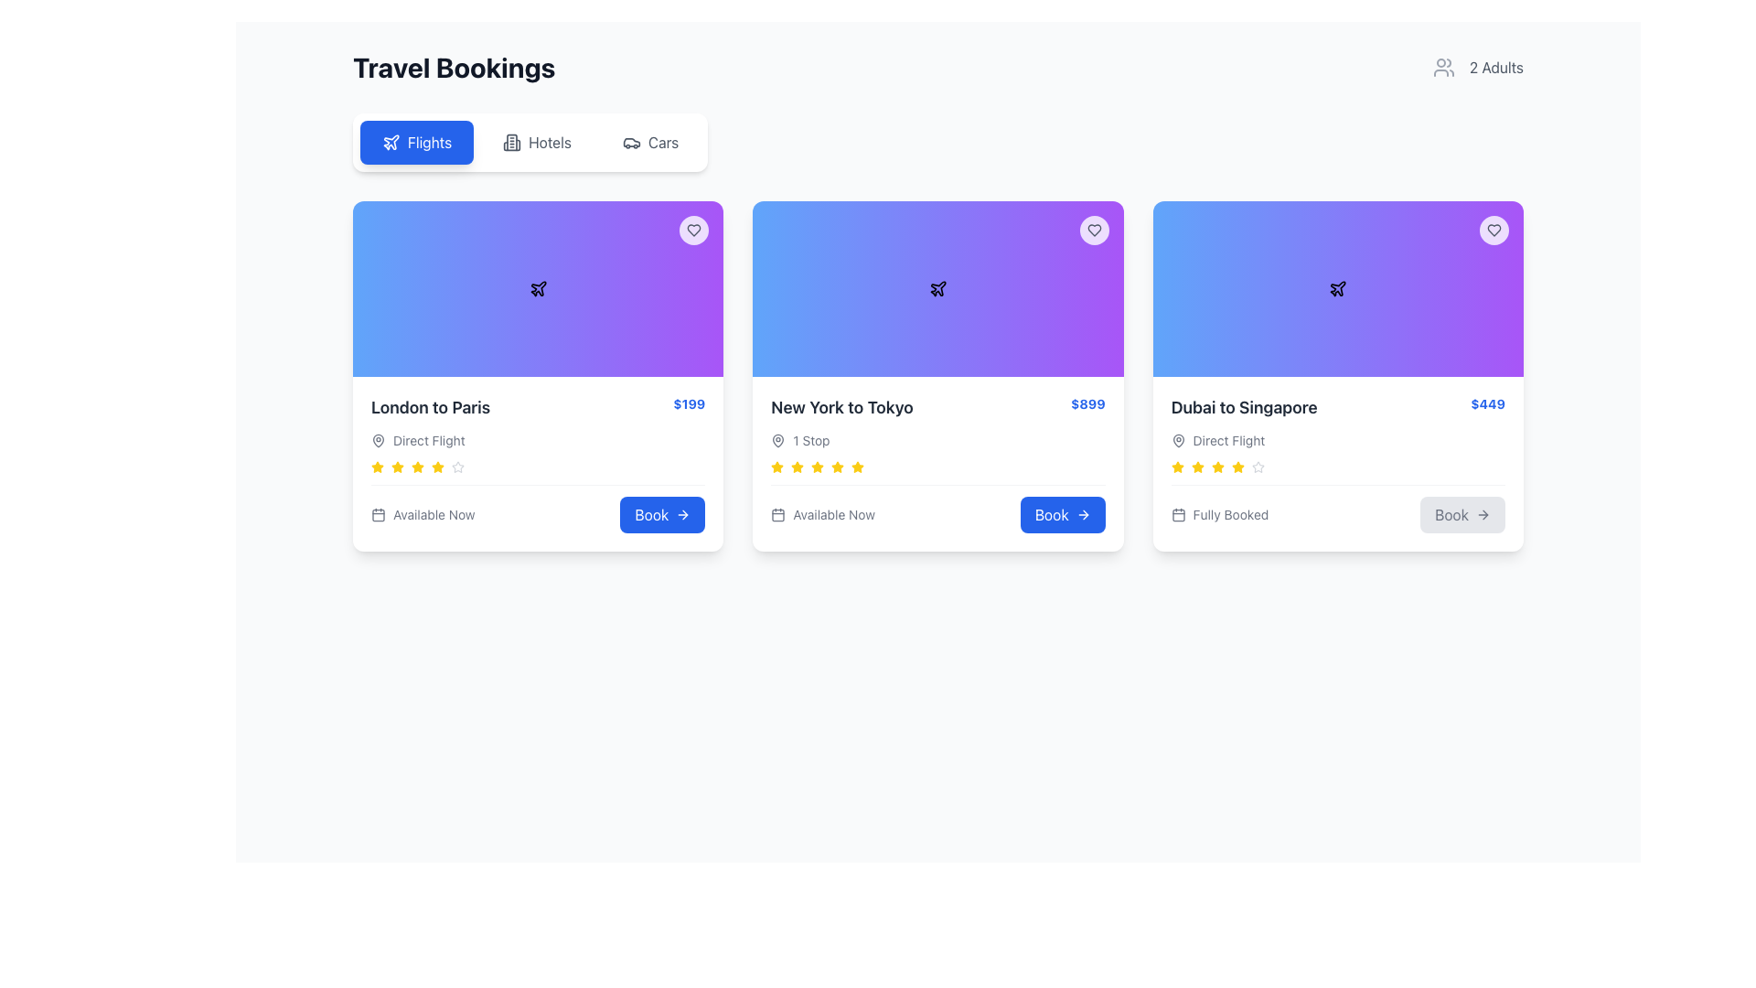 The width and height of the screenshot is (1756, 988). Describe the element at coordinates (1052, 515) in the screenshot. I see `text label of the 'Book' button located at the bottom-right corner of the card titled 'New York to Tokyo', which indicates functionality to proceed with a booking` at that location.